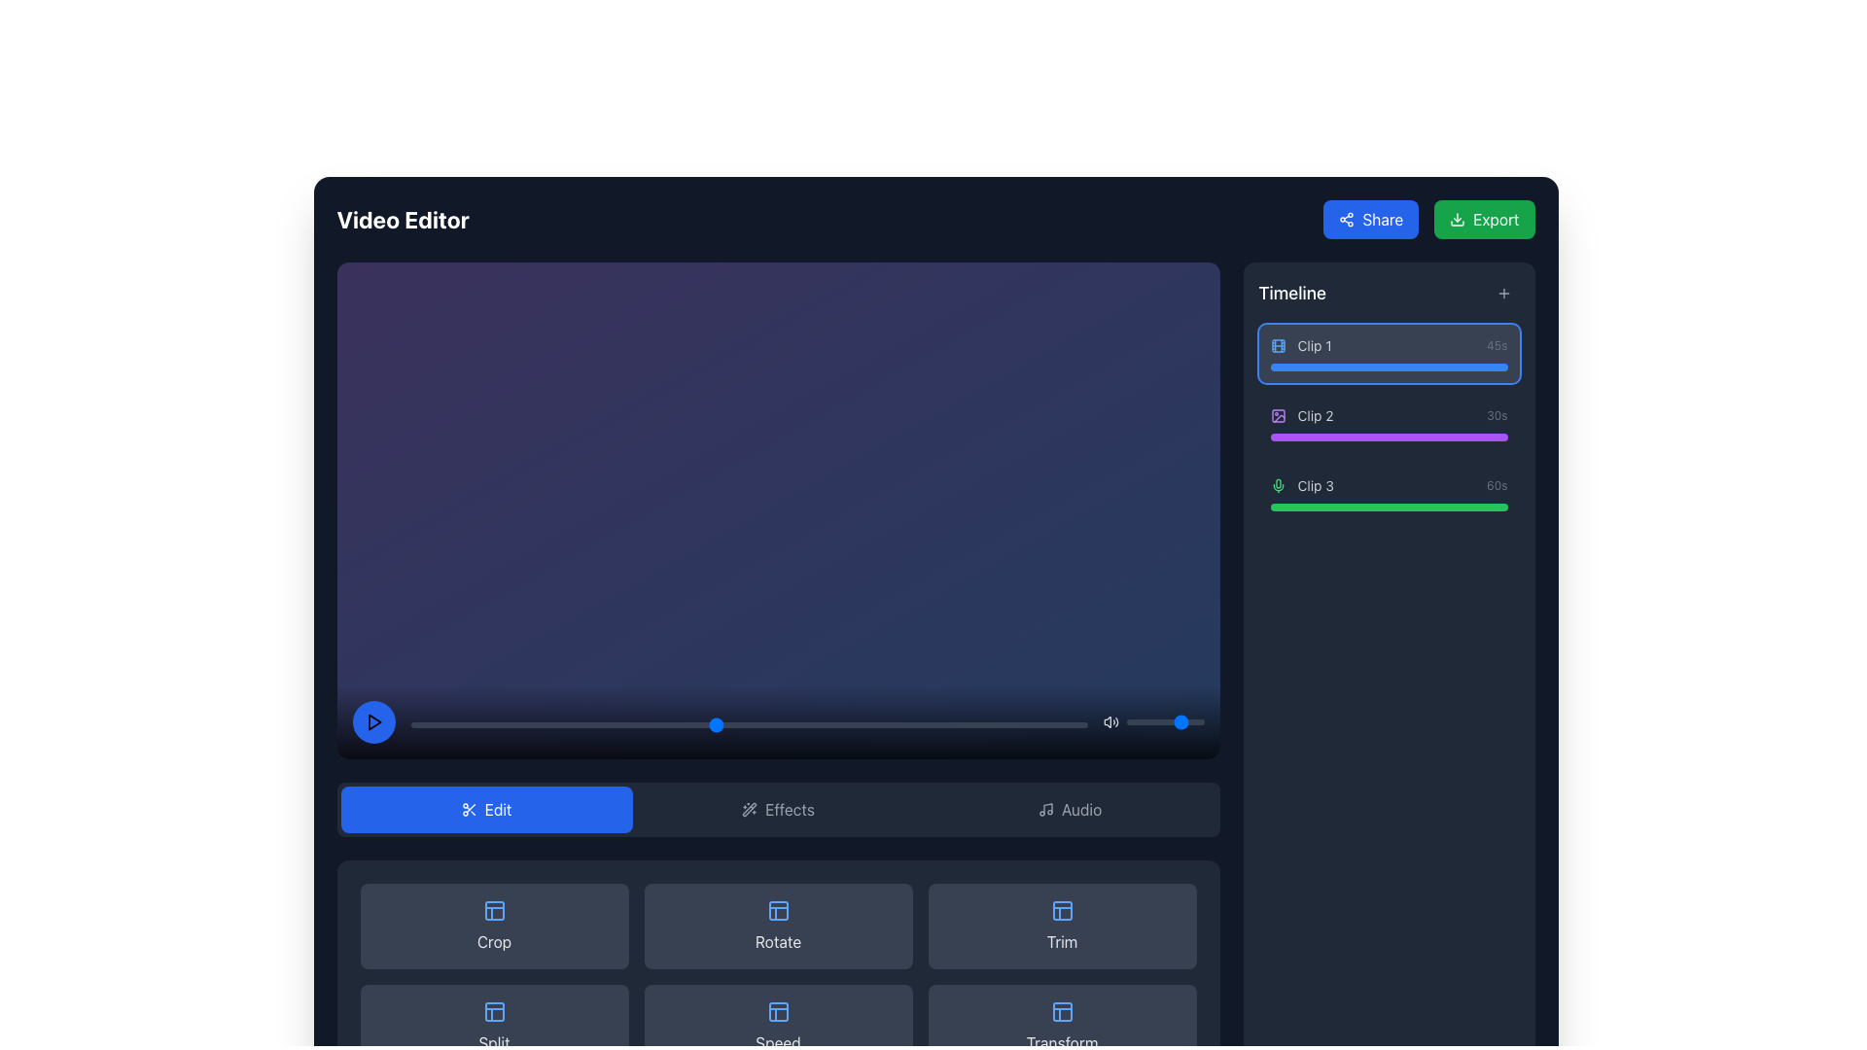 The height and width of the screenshot is (1050, 1867). What do you see at coordinates (1370, 219) in the screenshot?
I see `the rectangular blue 'Share' button with white text and a share icon located at the top right of the interface` at bounding box center [1370, 219].